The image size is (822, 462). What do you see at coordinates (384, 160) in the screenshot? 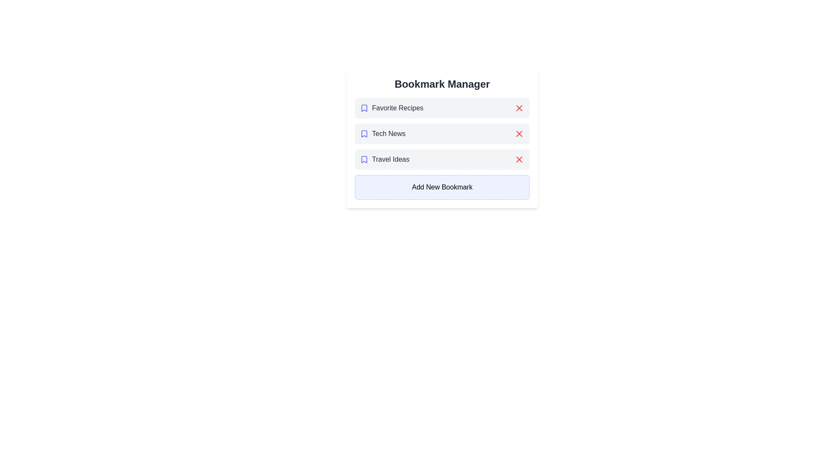
I see `the bookmark titled Travel Ideas to navigate to its URL` at bounding box center [384, 160].